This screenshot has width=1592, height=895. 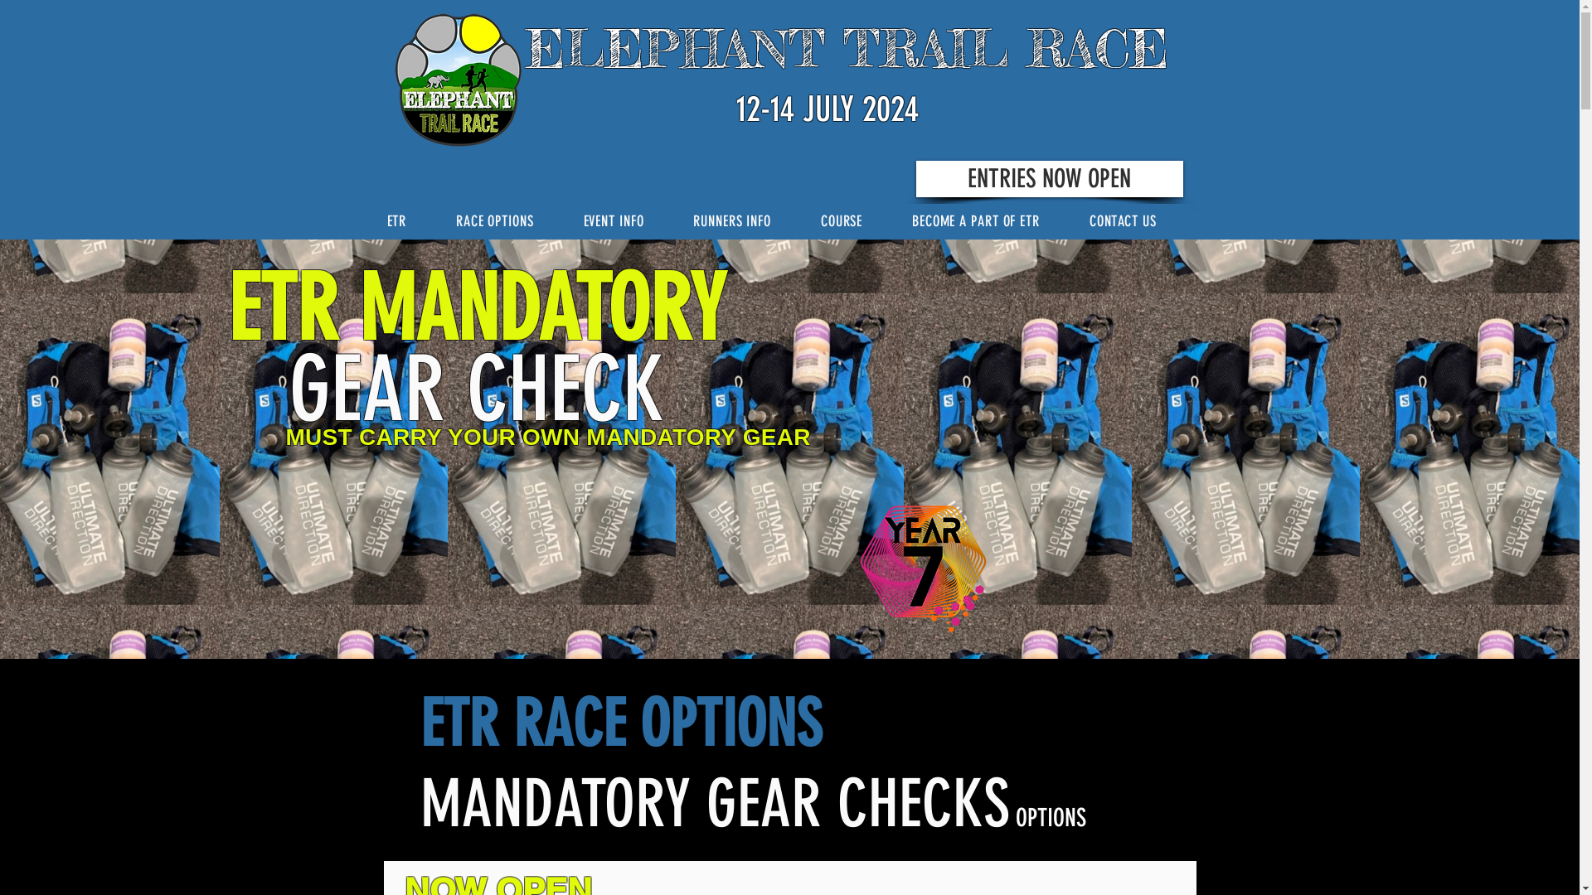 What do you see at coordinates (1048, 179) in the screenshot?
I see `'ENTRIES NOW OPEN'` at bounding box center [1048, 179].